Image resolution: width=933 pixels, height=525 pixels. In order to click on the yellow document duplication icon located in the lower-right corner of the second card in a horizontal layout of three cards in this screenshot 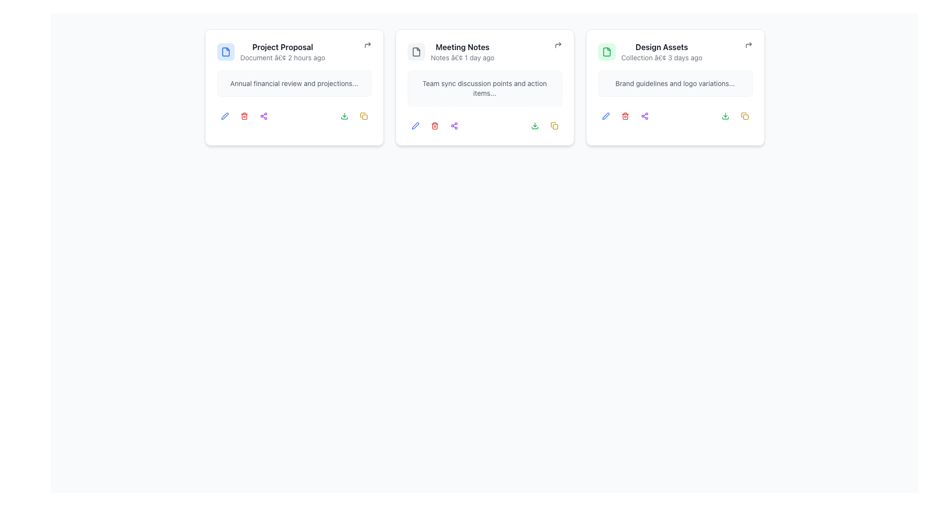, I will do `click(554, 125)`.